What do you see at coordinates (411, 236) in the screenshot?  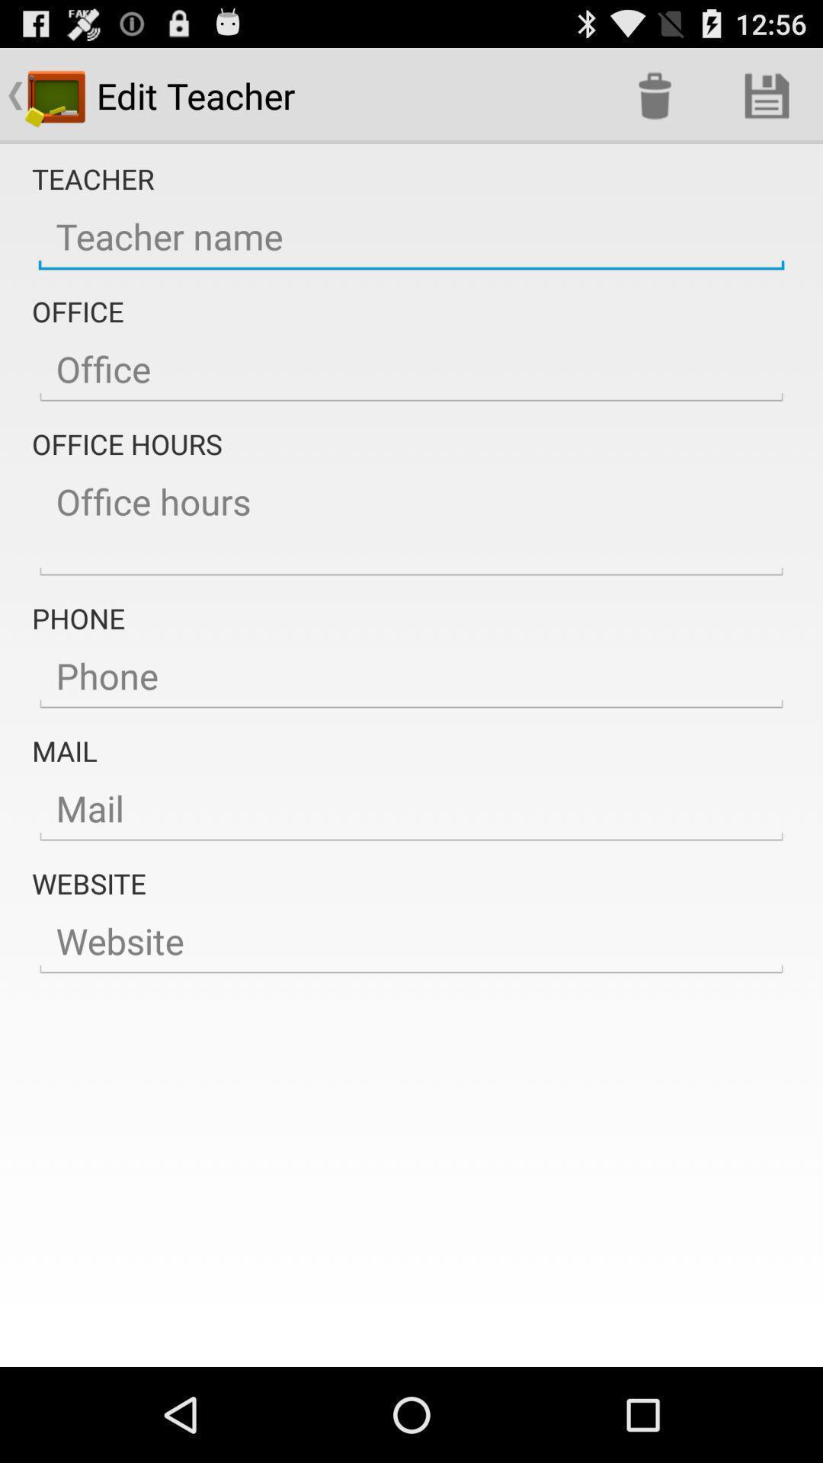 I see `name` at bounding box center [411, 236].